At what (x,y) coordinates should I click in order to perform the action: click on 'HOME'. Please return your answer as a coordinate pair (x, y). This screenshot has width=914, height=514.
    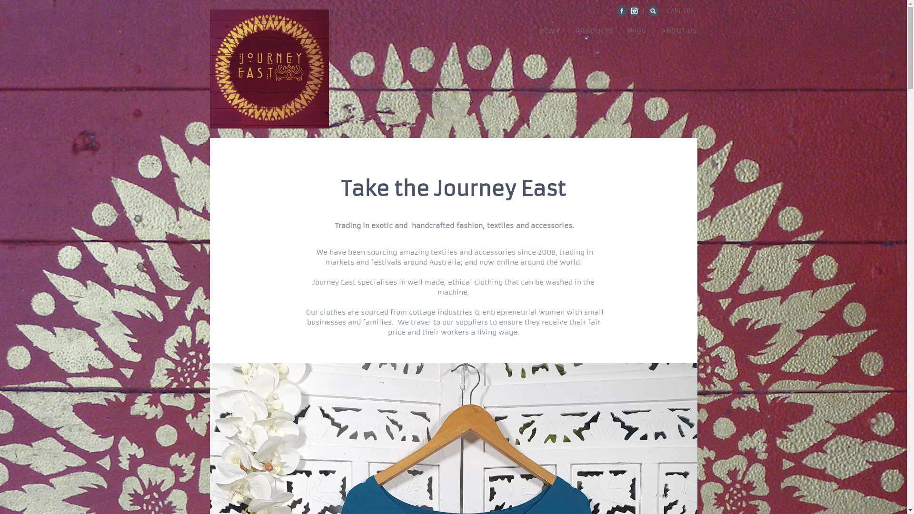
    Looking at the image, I should click on (550, 30).